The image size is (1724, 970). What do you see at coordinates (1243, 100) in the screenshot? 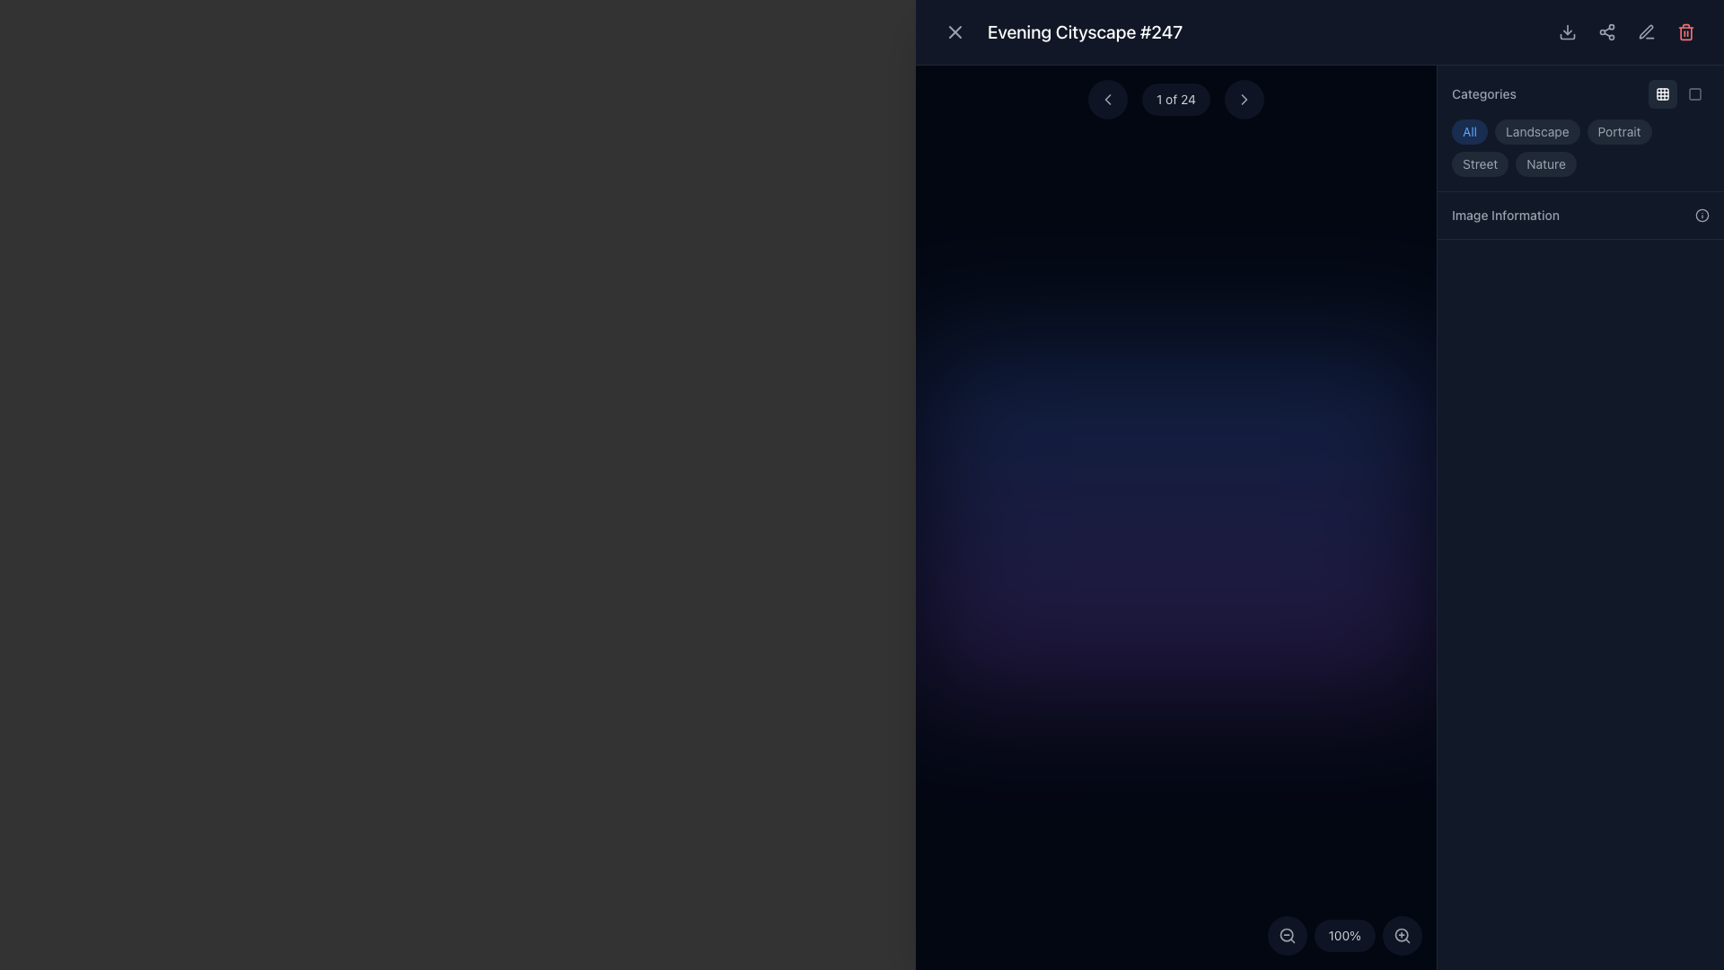
I see `the circular 'Next' or 'Forward' button` at bounding box center [1243, 100].